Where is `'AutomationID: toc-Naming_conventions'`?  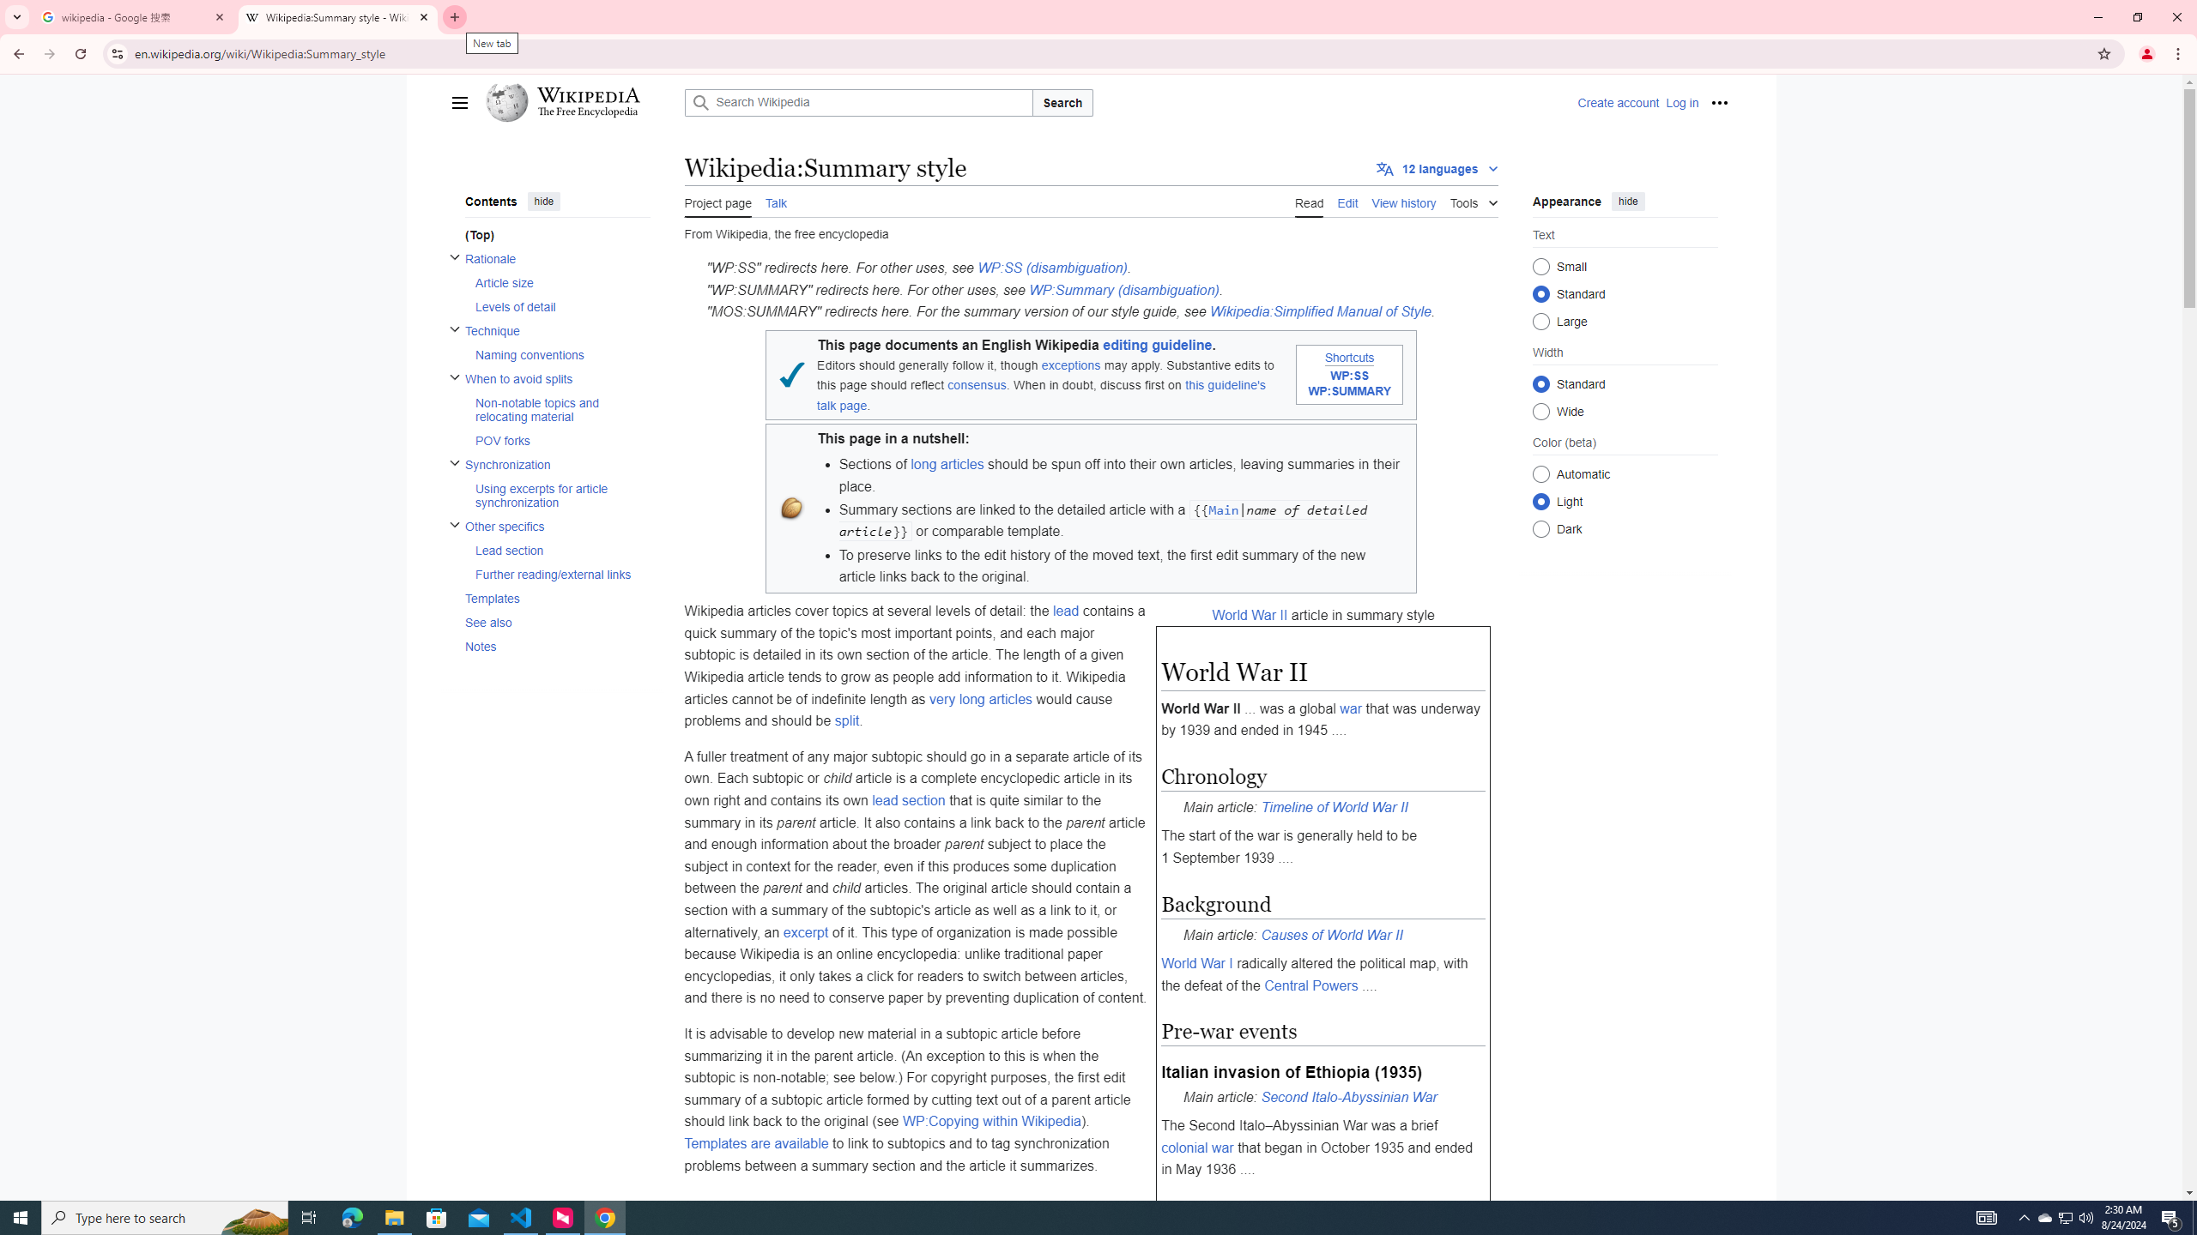 'AutomationID: toc-Naming_conventions' is located at coordinates (556, 354).